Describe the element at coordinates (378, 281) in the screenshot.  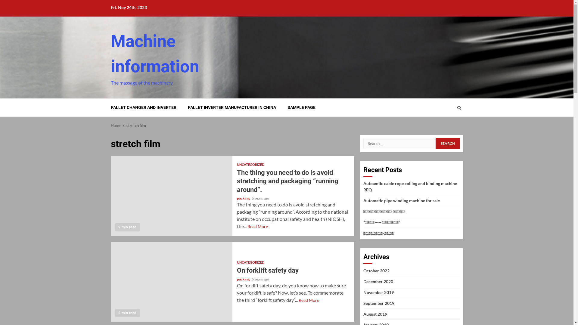
I see `'December 2020'` at that location.